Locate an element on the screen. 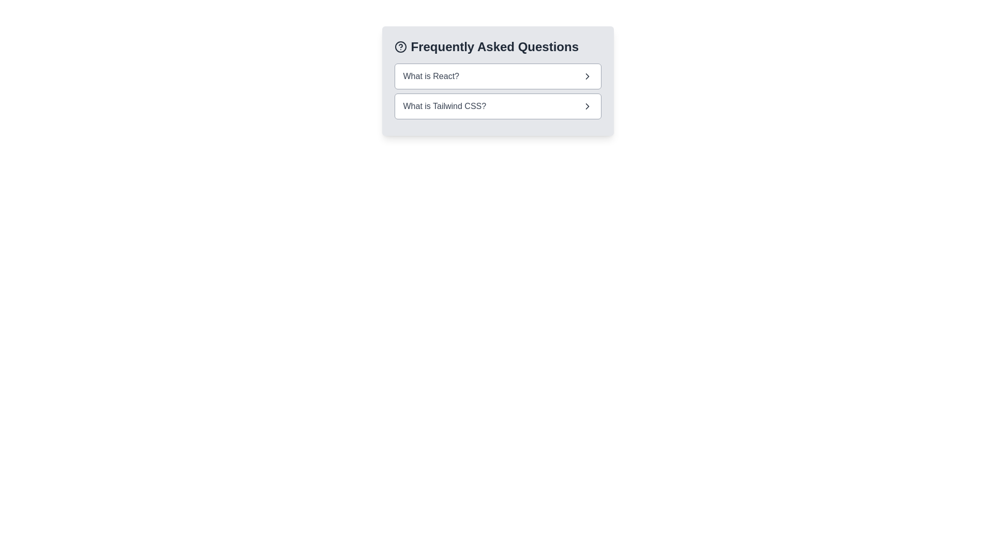  the SVG Circle Graphic, which is an outline without fill located at the beginning of the Frequently Asked Questions card is located at coordinates (400, 47).